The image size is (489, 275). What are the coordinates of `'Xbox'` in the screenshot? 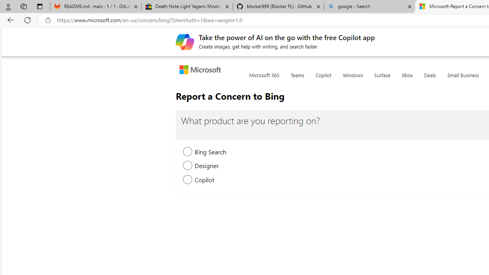 It's located at (407, 80).